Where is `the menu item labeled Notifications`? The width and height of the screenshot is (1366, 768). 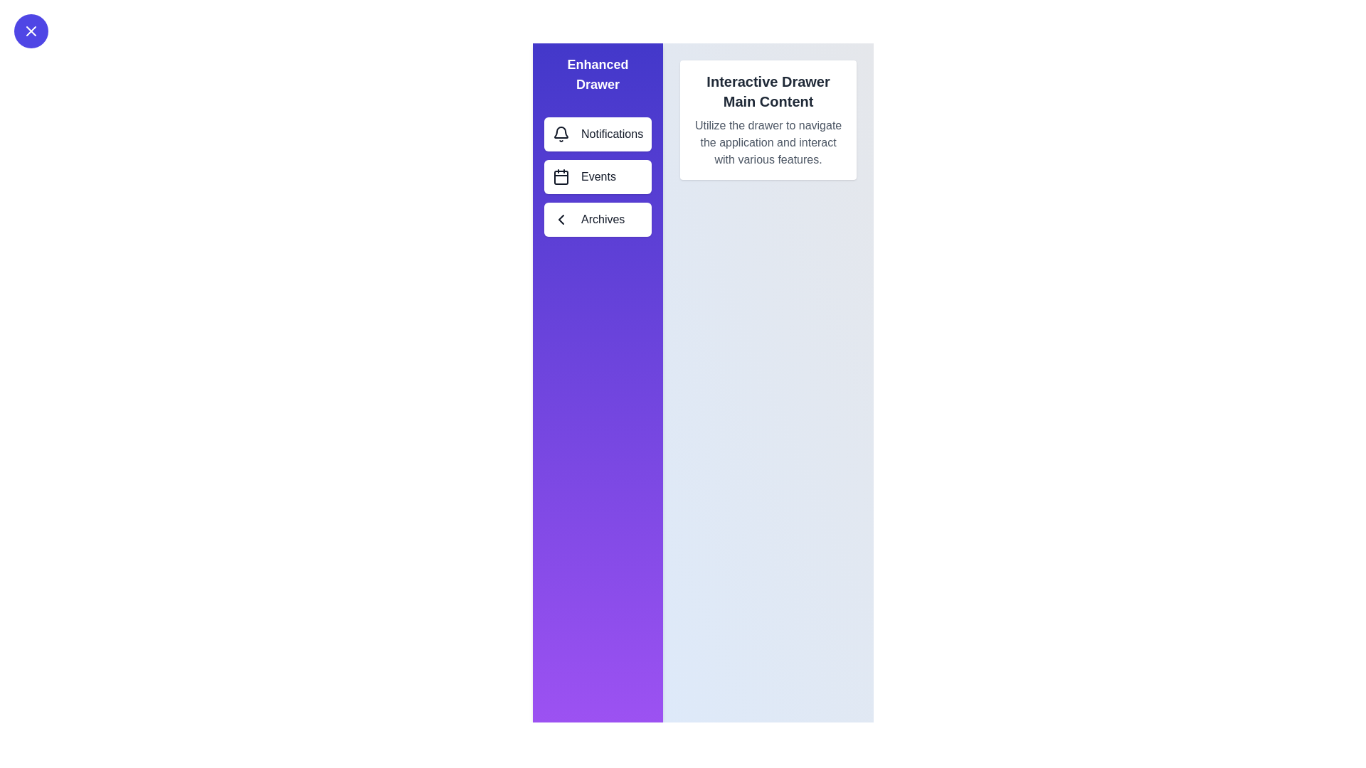
the menu item labeled Notifications is located at coordinates (598, 134).